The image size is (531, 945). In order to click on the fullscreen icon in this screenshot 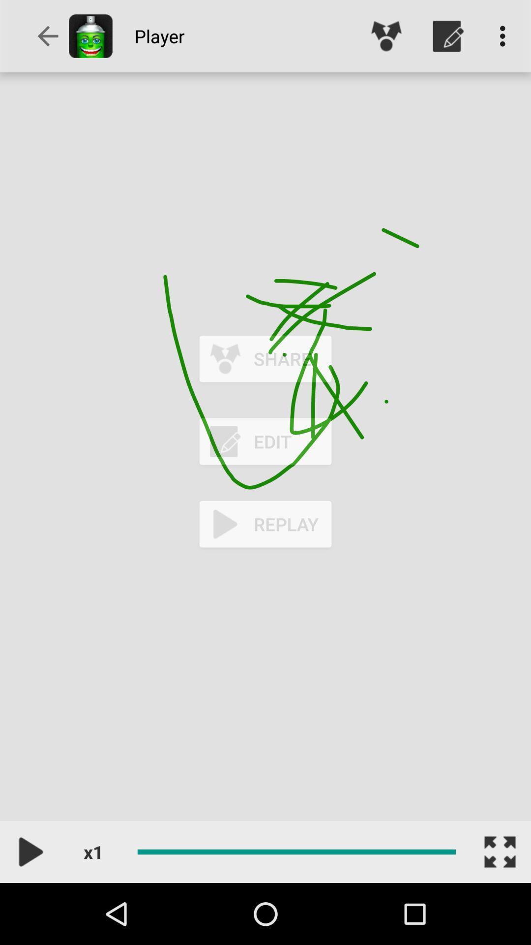, I will do `click(500, 851)`.